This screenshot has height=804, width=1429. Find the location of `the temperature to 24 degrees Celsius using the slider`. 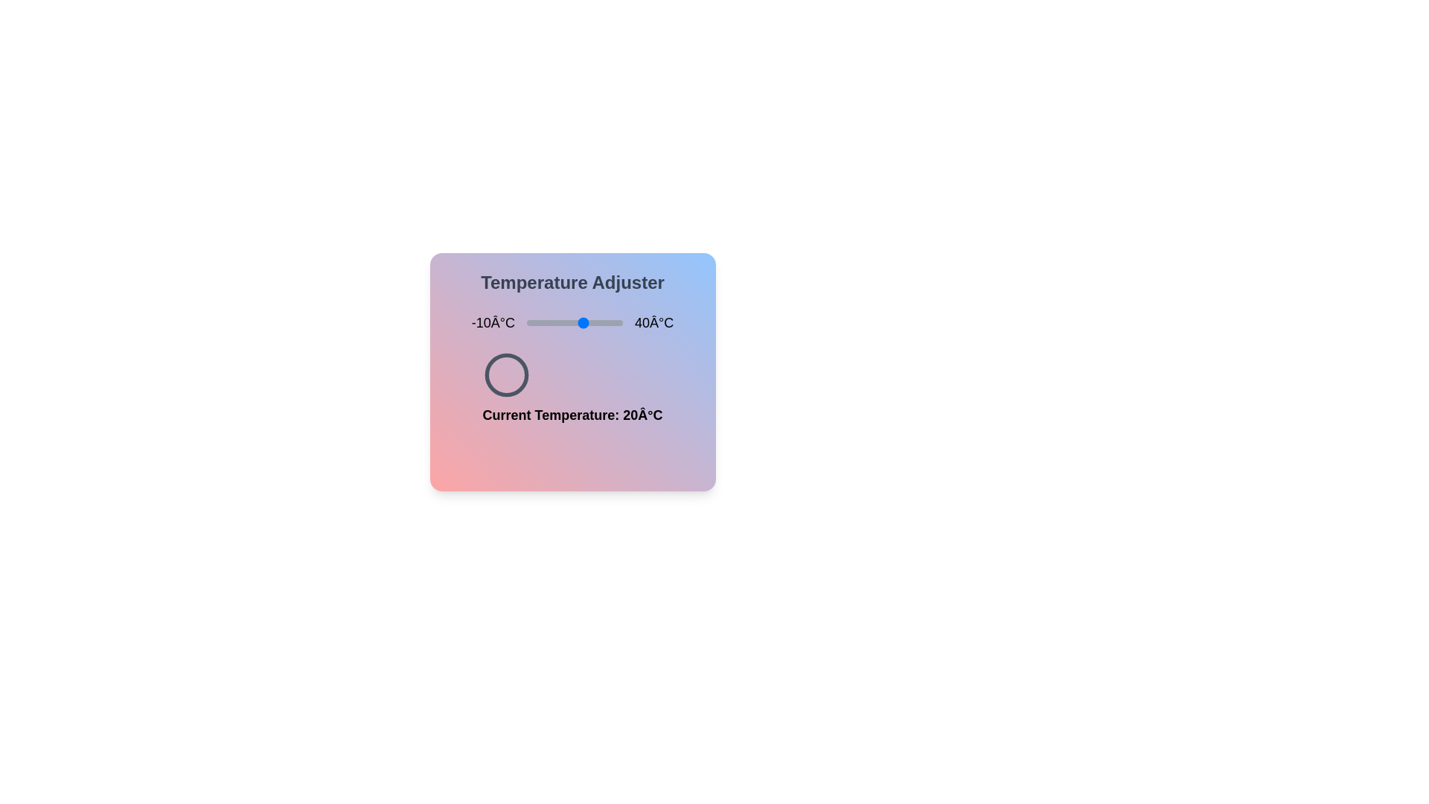

the temperature to 24 degrees Celsius using the slider is located at coordinates (591, 322).